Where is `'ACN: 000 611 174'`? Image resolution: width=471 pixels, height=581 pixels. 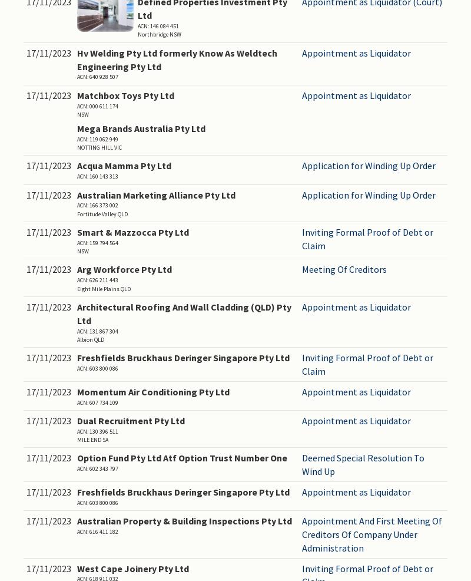 'ACN: 000 611 174' is located at coordinates (98, 105).